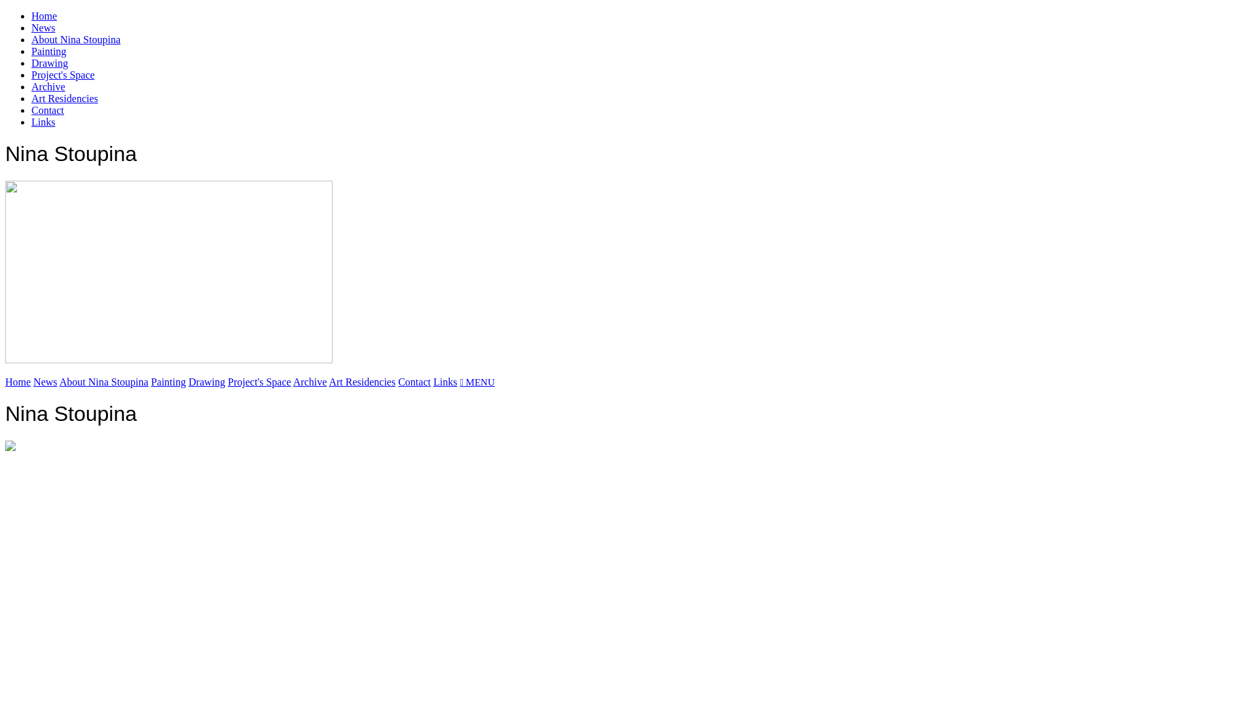 Image resolution: width=1257 pixels, height=707 pixels. Describe the element at coordinates (103, 382) in the screenshot. I see `'About Nina Stoupina'` at that location.